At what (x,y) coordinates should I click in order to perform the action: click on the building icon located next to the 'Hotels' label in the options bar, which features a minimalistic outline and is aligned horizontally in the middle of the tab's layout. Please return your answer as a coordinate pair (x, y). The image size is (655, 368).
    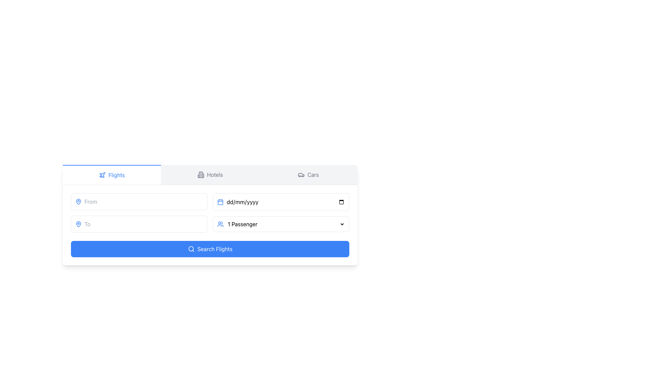
    Looking at the image, I should click on (200, 174).